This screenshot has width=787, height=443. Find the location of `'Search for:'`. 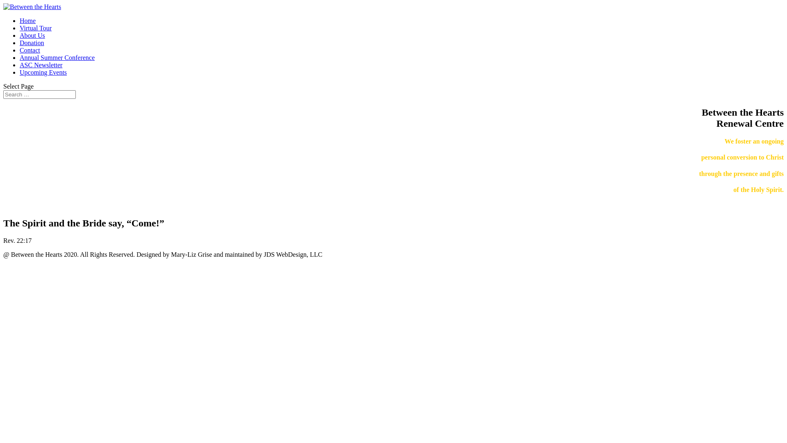

'Search for:' is located at coordinates (39, 94).